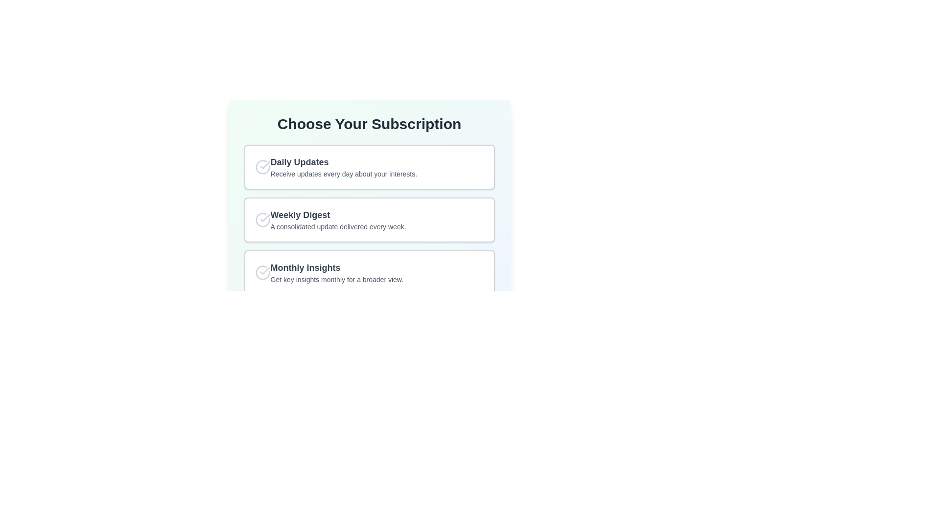 The image size is (940, 528). Describe the element at coordinates (262, 167) in the screenshot. I see `the circular gray icon with a checkmark at its center, which is positioned to the left of 'Daily Updates' and above 'Receive updates every day about your interests.'` at that location.